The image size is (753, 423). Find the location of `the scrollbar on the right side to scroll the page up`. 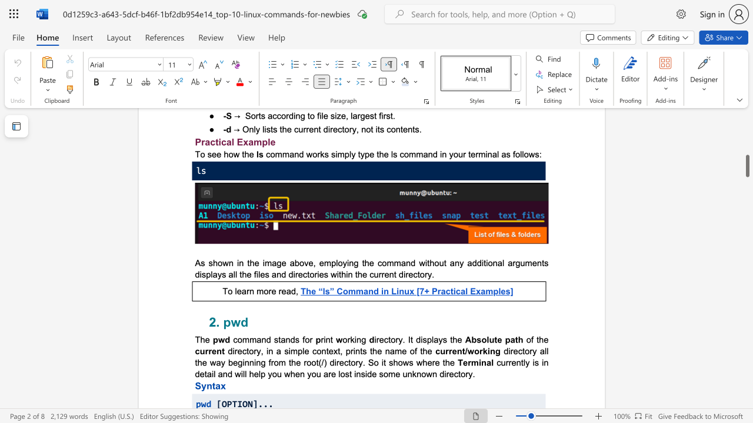

the scrollbar on the right side to scroll the page up is located at coordinates (747, 257).